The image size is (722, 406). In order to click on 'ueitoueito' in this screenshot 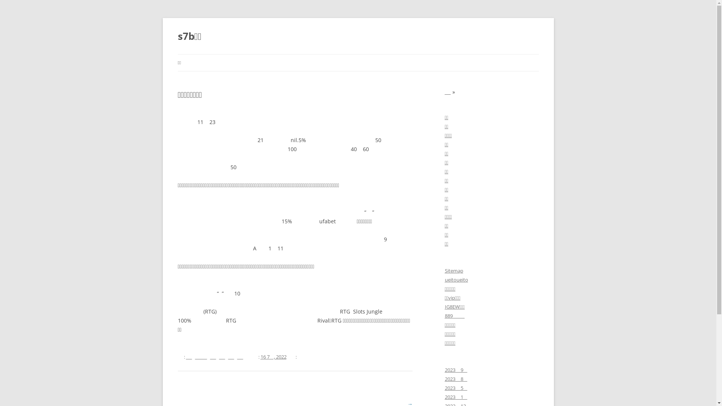, I will do `click(444, 280)`.